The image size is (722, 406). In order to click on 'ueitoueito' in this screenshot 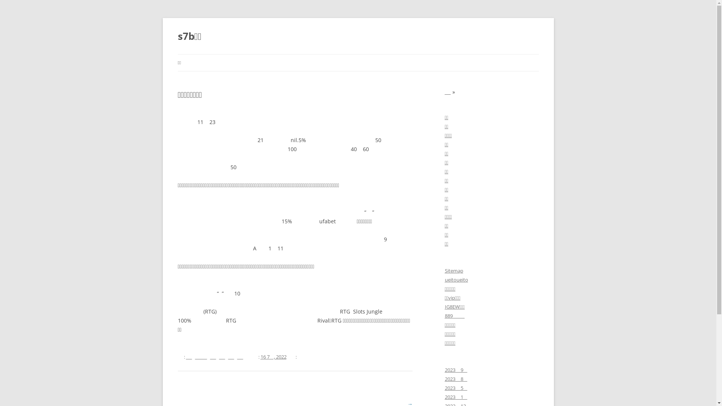, I will do `click(444, 280)`.